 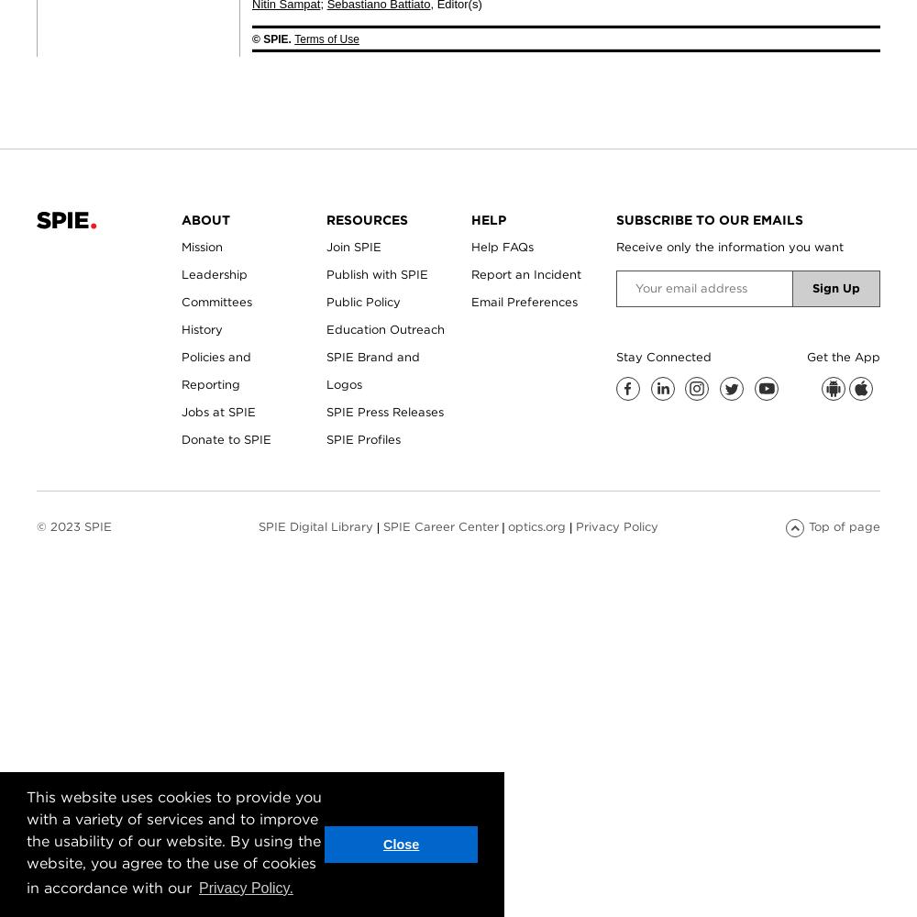 What do you see at coordinates (172, 842) in the screenshot?
I see `'This website uses cookies to provide you with a variety of services and to improve the usability of our website. By using the website, you agree to the use of cookies in accordance with our'` at bounding box center [172, 842].